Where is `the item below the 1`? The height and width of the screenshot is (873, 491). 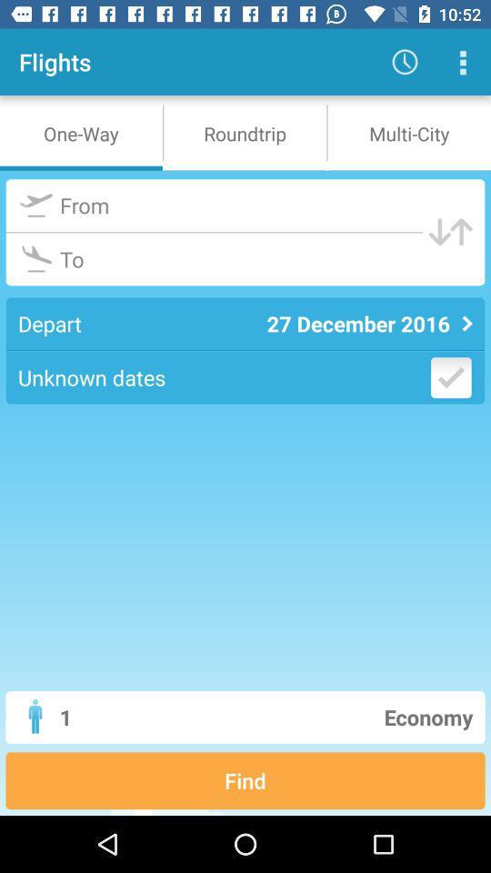 the item below the 1 is located at coordinates (245, 779).